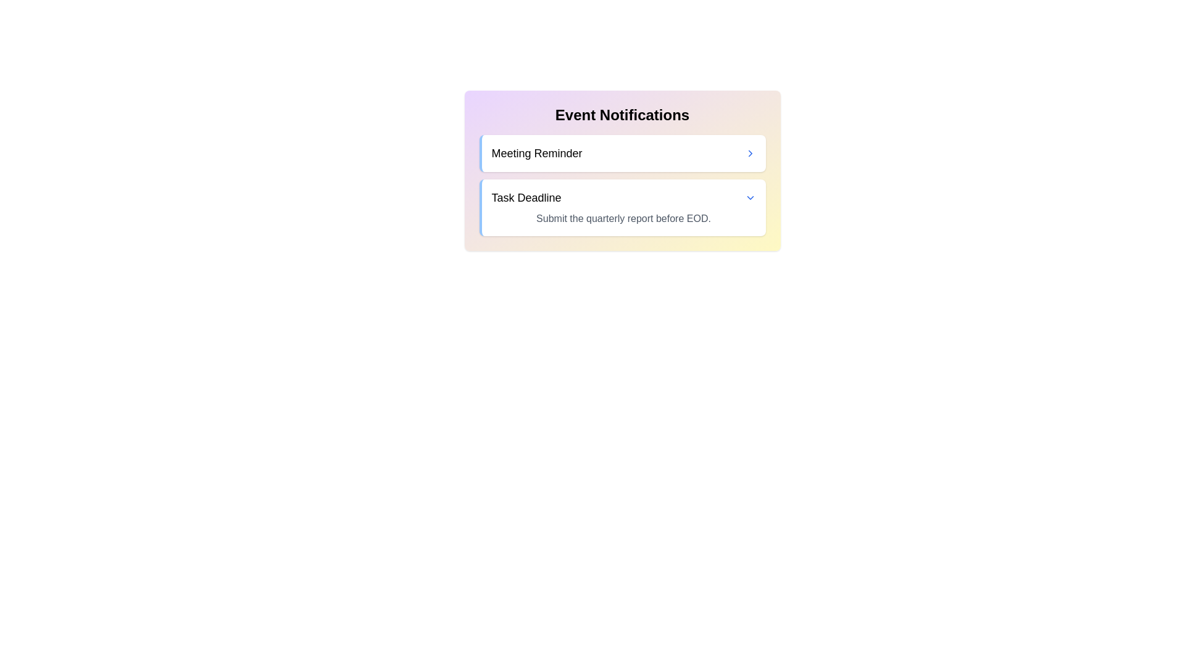 This screenshot has width=1185, height=666. What do you see at coordinates (623, 218) in the screenshot?
I see `the details of the expanded notification to focus on it` at bounding box center [623, 218].